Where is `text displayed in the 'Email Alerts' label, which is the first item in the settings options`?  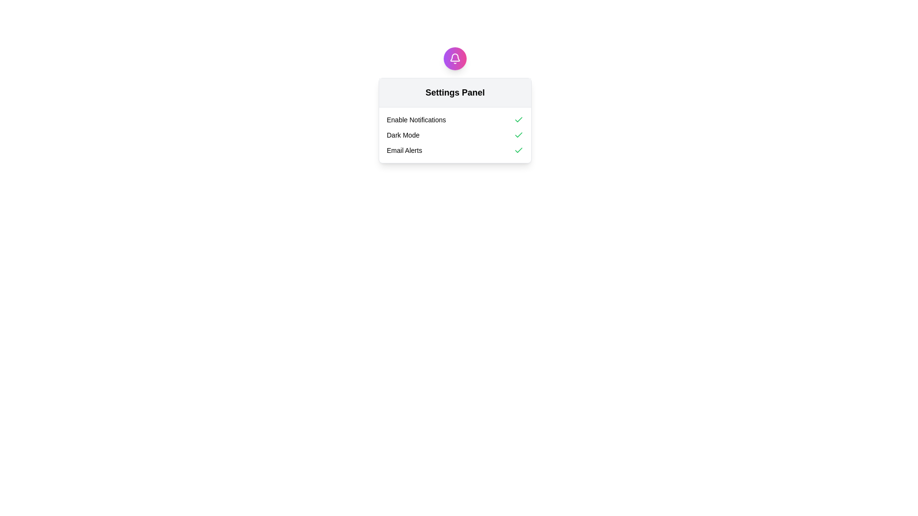 text displayed in the 'Email Alerts' label, which is the first item in the settings options is located at coordinates (404, 150).